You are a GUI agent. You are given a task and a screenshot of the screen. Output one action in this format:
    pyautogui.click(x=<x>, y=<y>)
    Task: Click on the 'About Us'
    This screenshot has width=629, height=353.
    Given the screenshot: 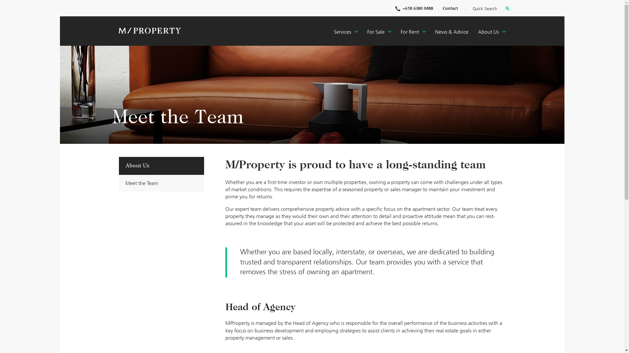 What is the action you would take?
    pyautogui.click(x=161, y=166)
    